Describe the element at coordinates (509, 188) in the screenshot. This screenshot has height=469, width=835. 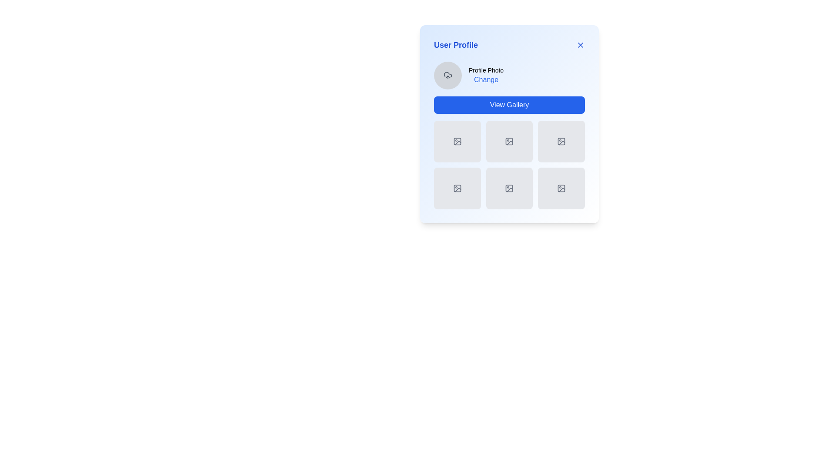
I see `the image icon located in the lower middle position of a 3x2 grid, characterized by a gray square outline with a small circle and a diagonal line inside` at that location.